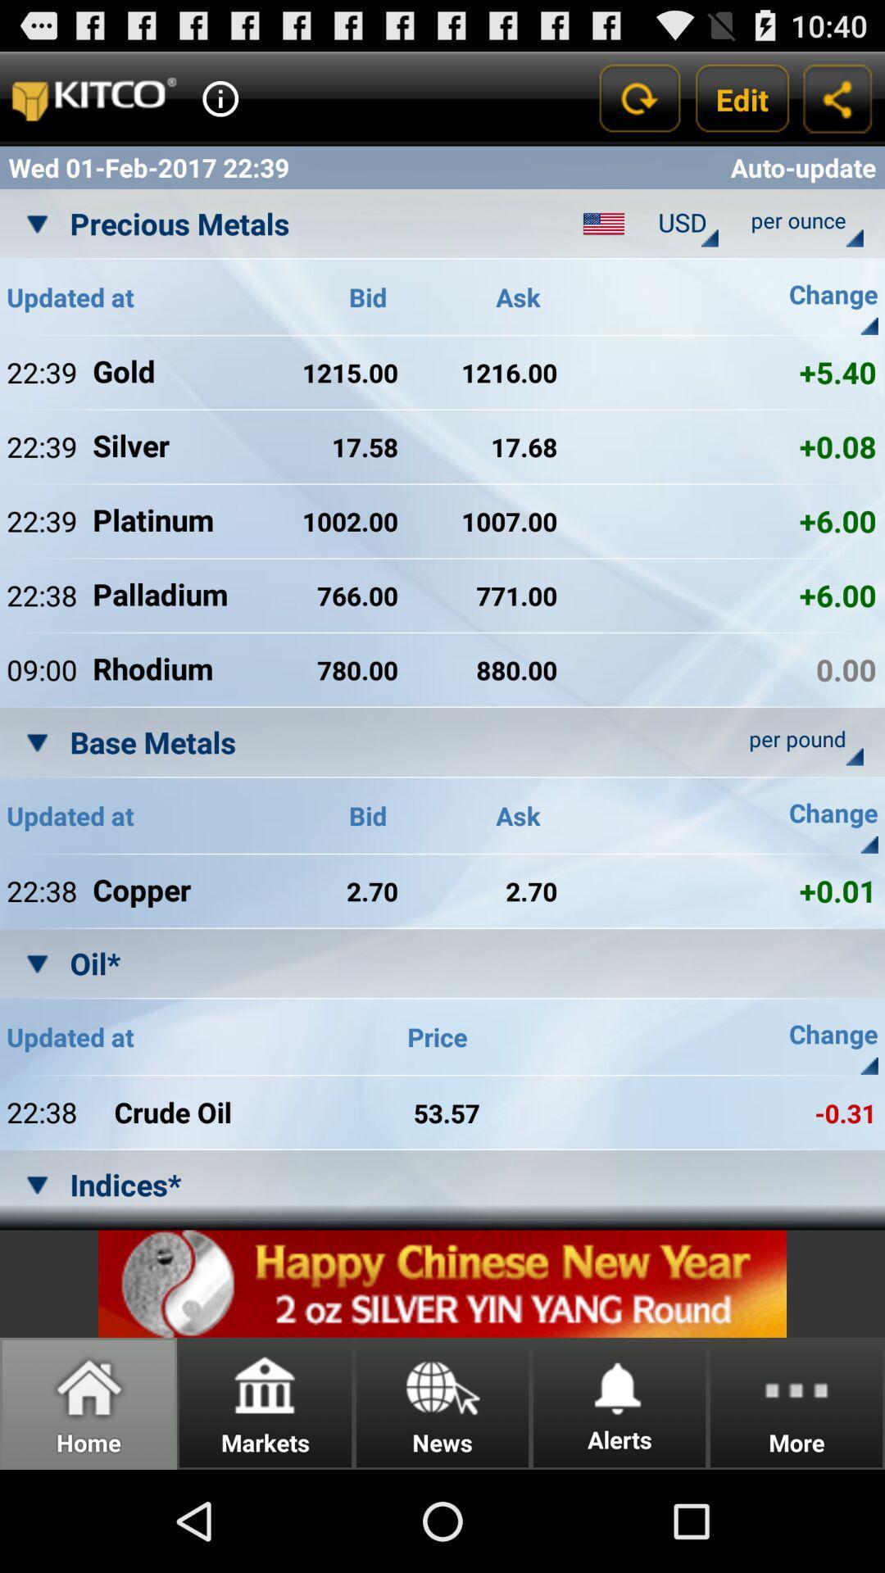  What do you see at coordinates (837, 97) in the screenshot?
I see `share data` at bounding box center [837, 97].